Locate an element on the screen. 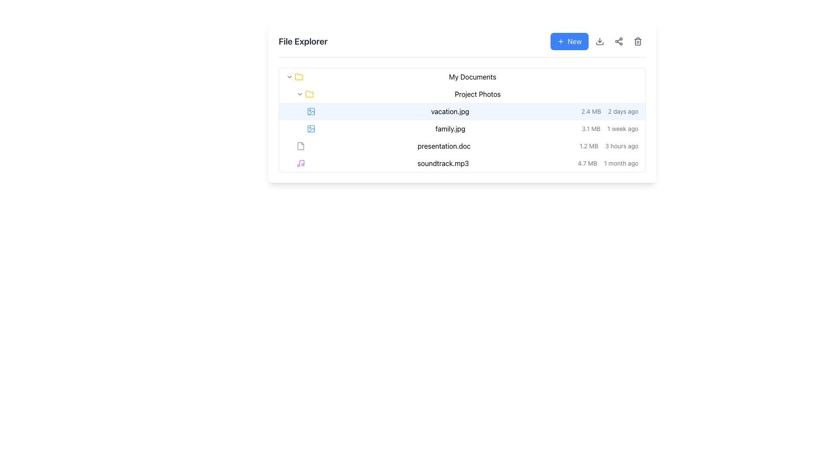  the button located in the top-right corner of the interface, next to the label 'File Explorer' is located at coordinates (569, 42).